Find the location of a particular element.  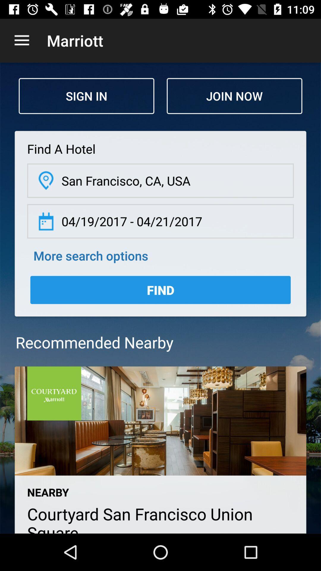

item next to join now is located at coordinates (86, 96).